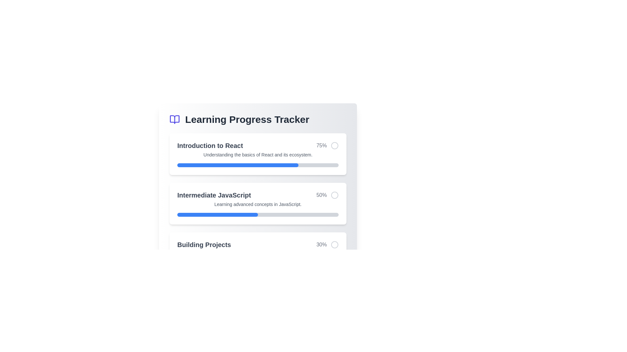  Describe the element at coordinates (258, 245) in the screenshot. I see `the circle of the Progress Indicator representing 30% completion for the task 'Building Projects'` at that location.